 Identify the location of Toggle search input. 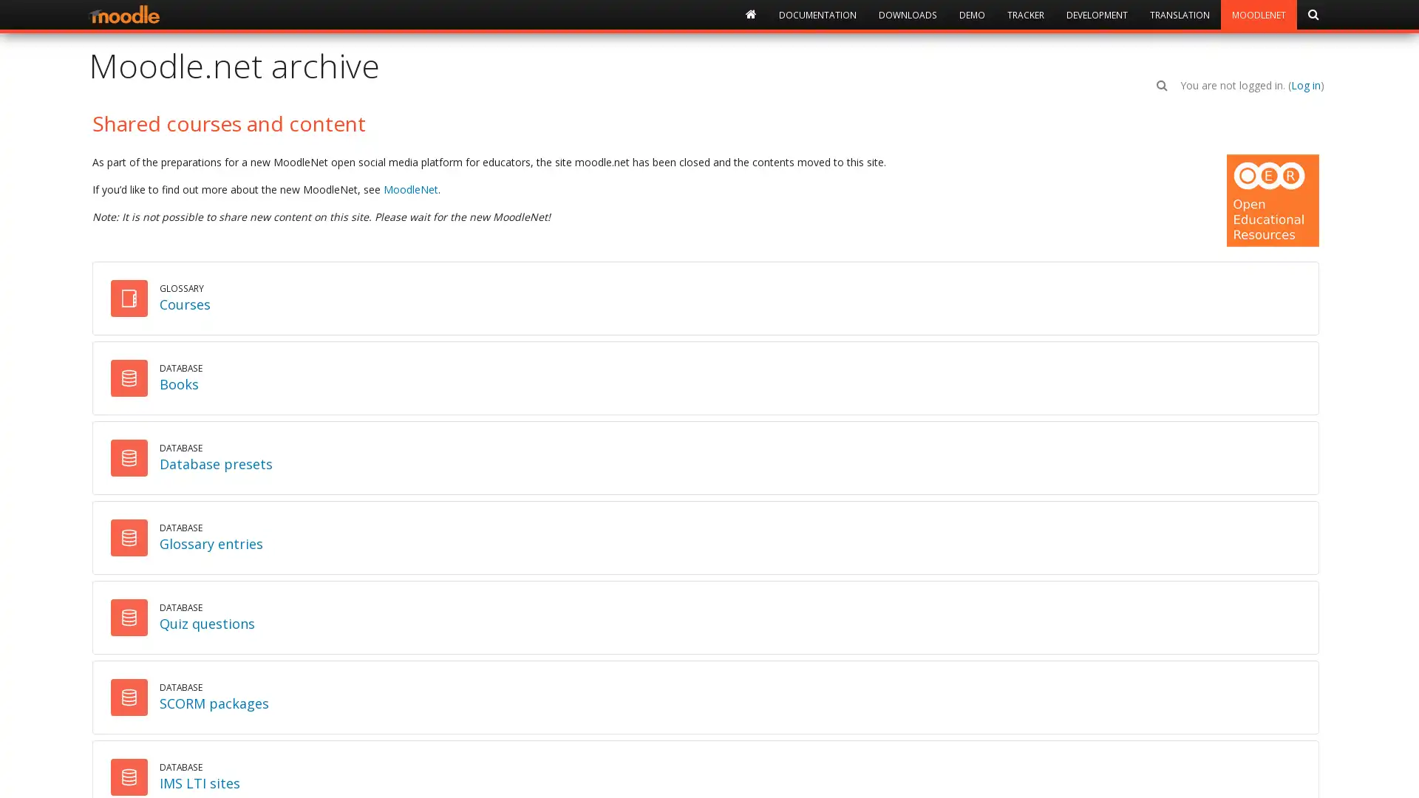
(1161, 84).